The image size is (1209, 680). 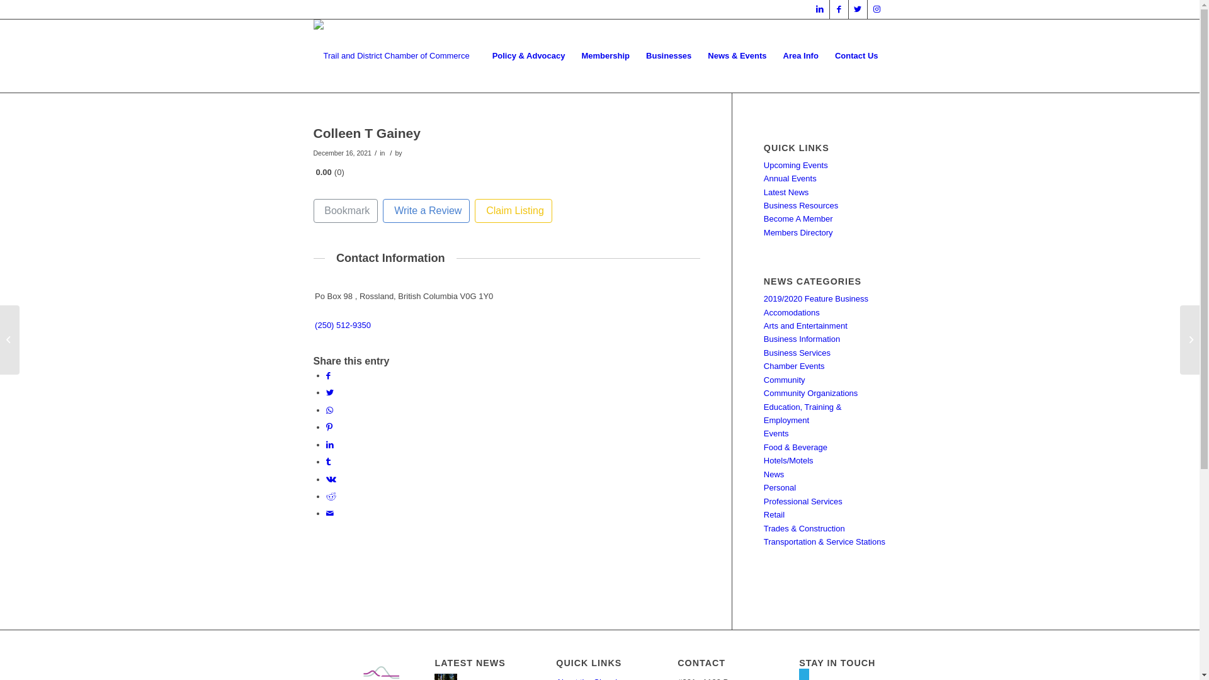 What do you see at coordinates (763, 446) in the screenshot?
I see `'Food & Beverage'` at bounding box center [763, 446].